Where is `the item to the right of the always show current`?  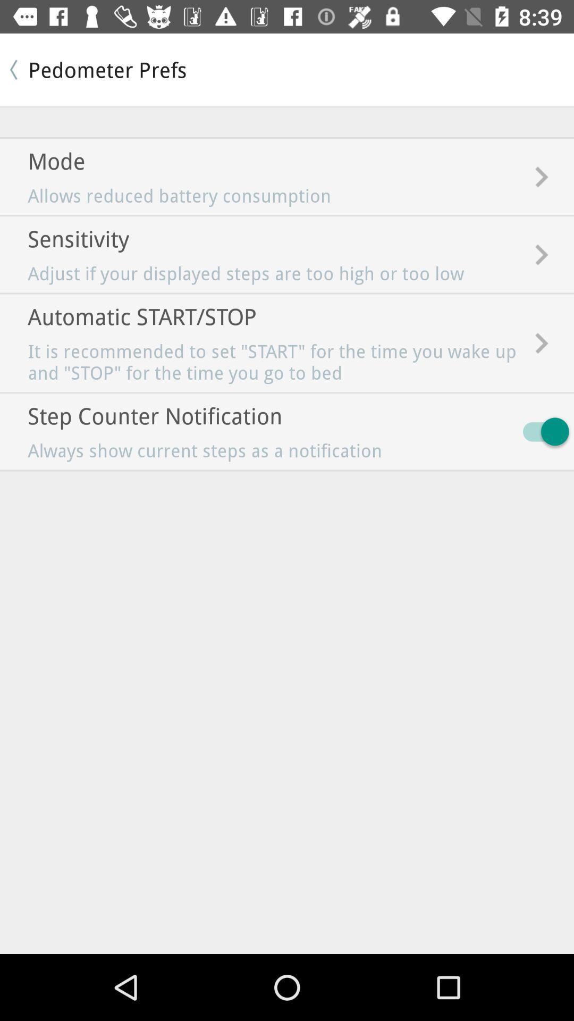 the item to the right of the always show current is located at coordinates (541, 431).